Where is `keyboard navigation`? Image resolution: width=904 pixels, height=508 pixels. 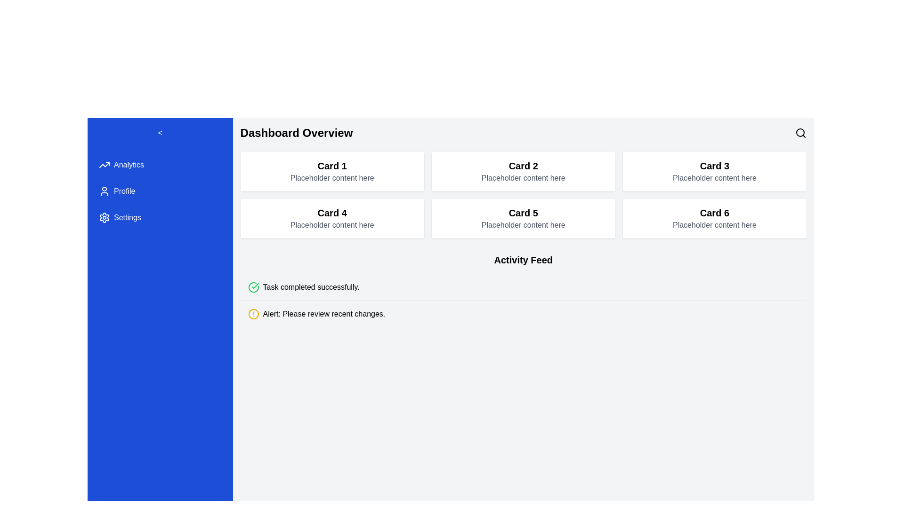
keyboard navigation is located at coordinates (127, 217).